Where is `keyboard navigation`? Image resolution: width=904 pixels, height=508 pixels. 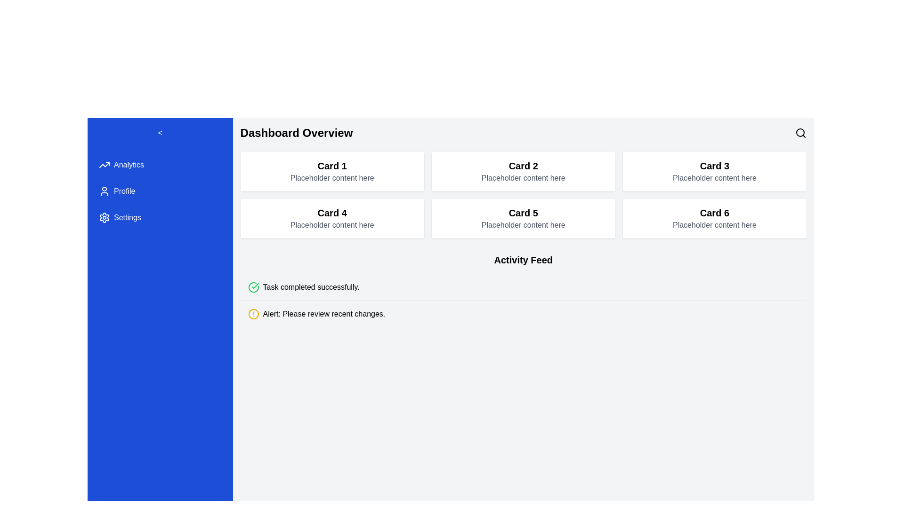
keyboard navigation is located at coordinates (127, 217).